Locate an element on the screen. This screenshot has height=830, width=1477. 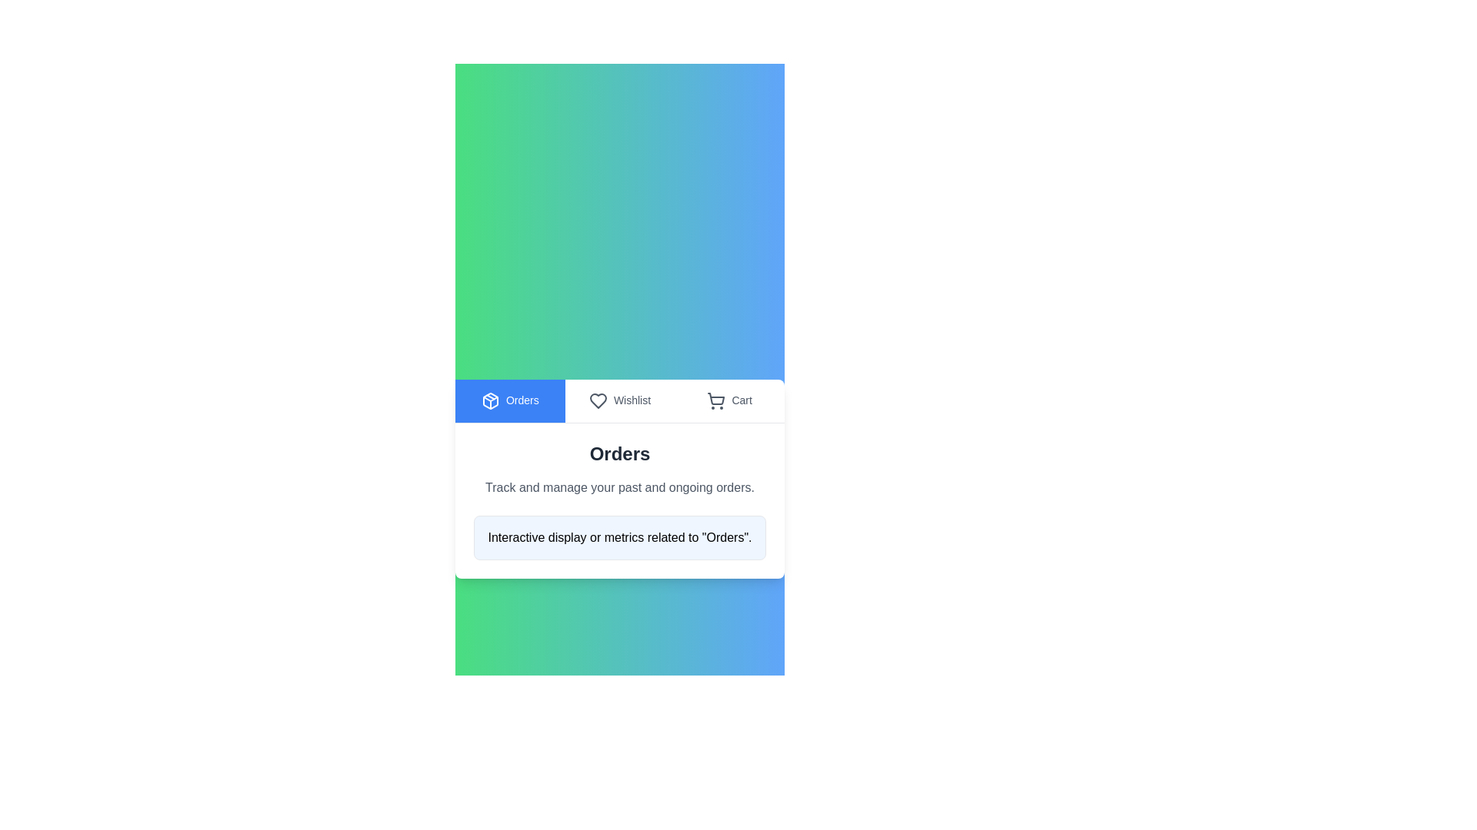
the Wishlist tab by clicking on it is located at coordinates (620, 400).